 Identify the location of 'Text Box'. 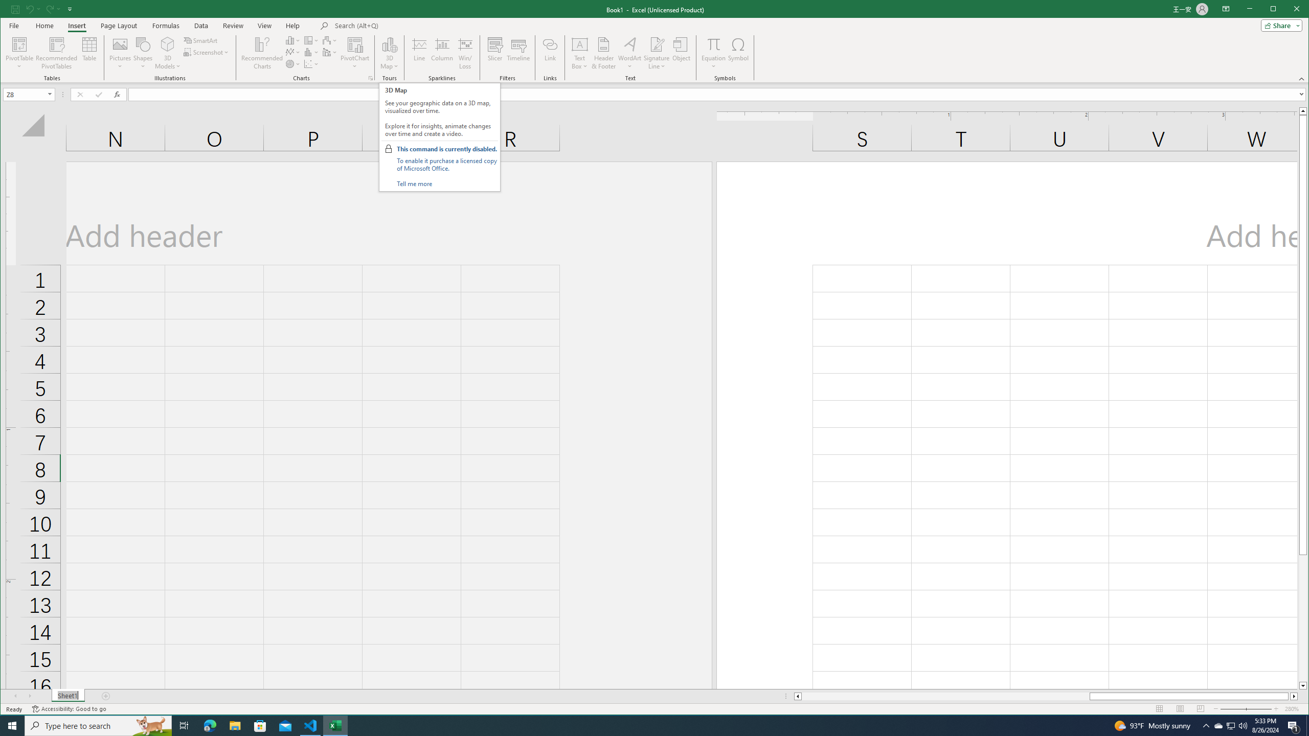
(579, 53).